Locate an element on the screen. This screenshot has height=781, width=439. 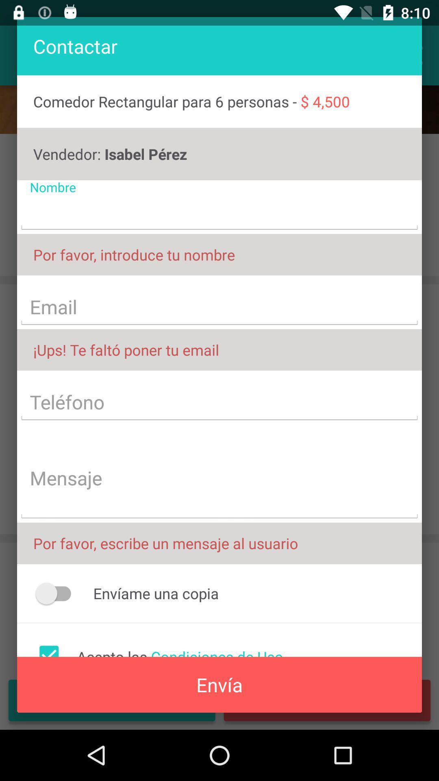
the text below email option is located at coordinates (219, 349).